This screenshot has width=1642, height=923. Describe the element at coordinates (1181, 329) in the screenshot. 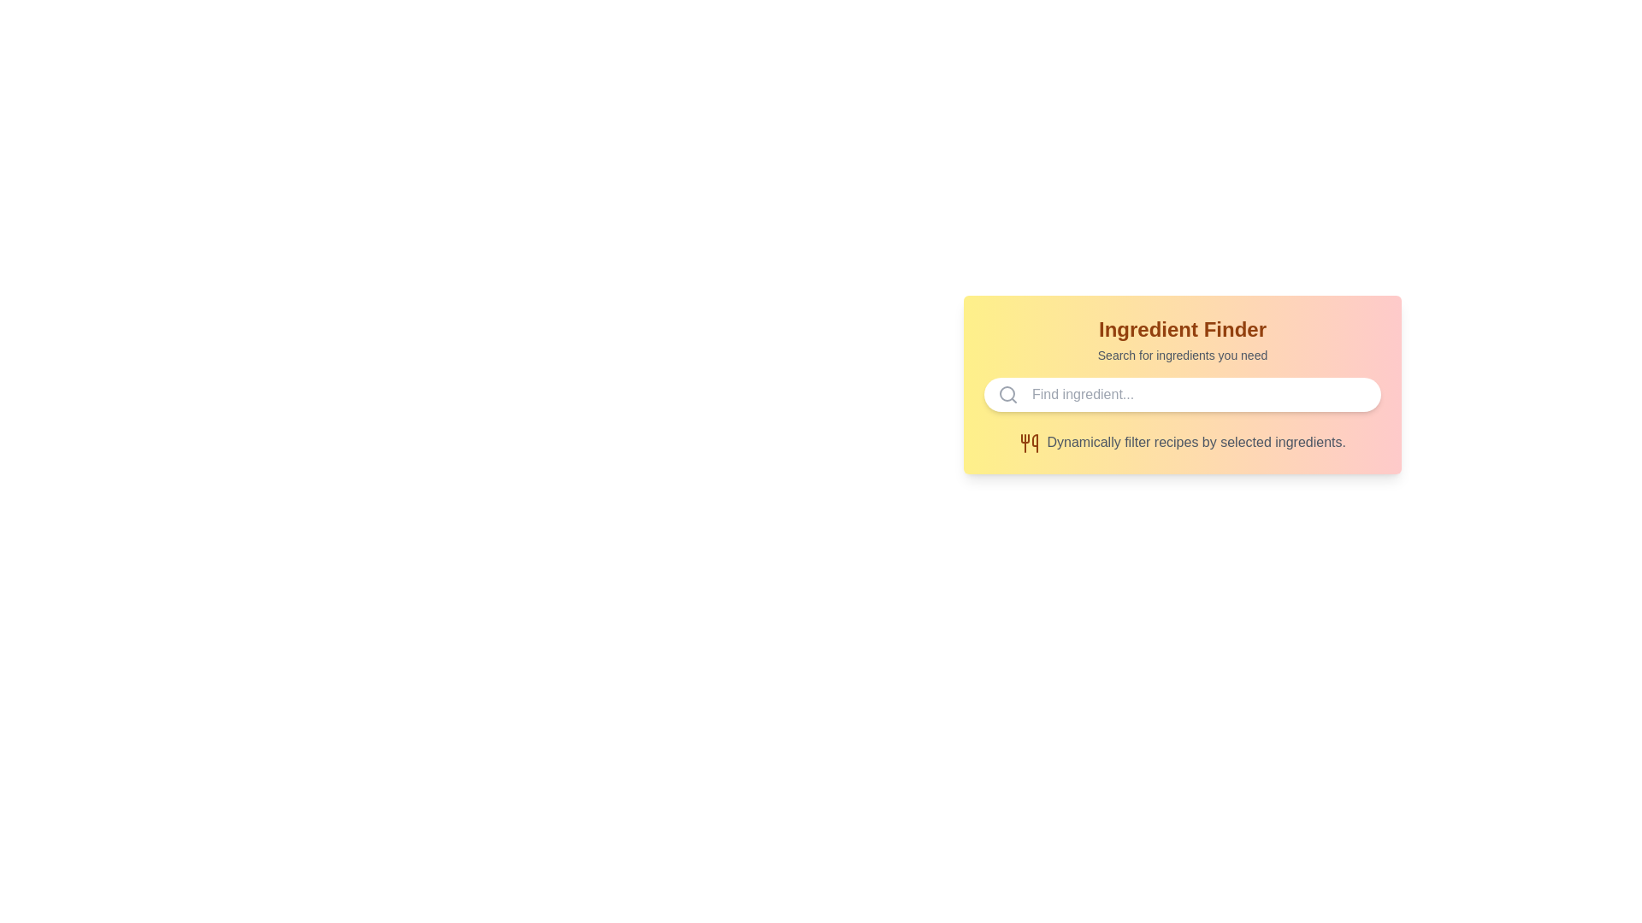

I see `the bold, large amber text label that reads 'Ingredient Finder', positioned at the top of the component in the UI` at that location.